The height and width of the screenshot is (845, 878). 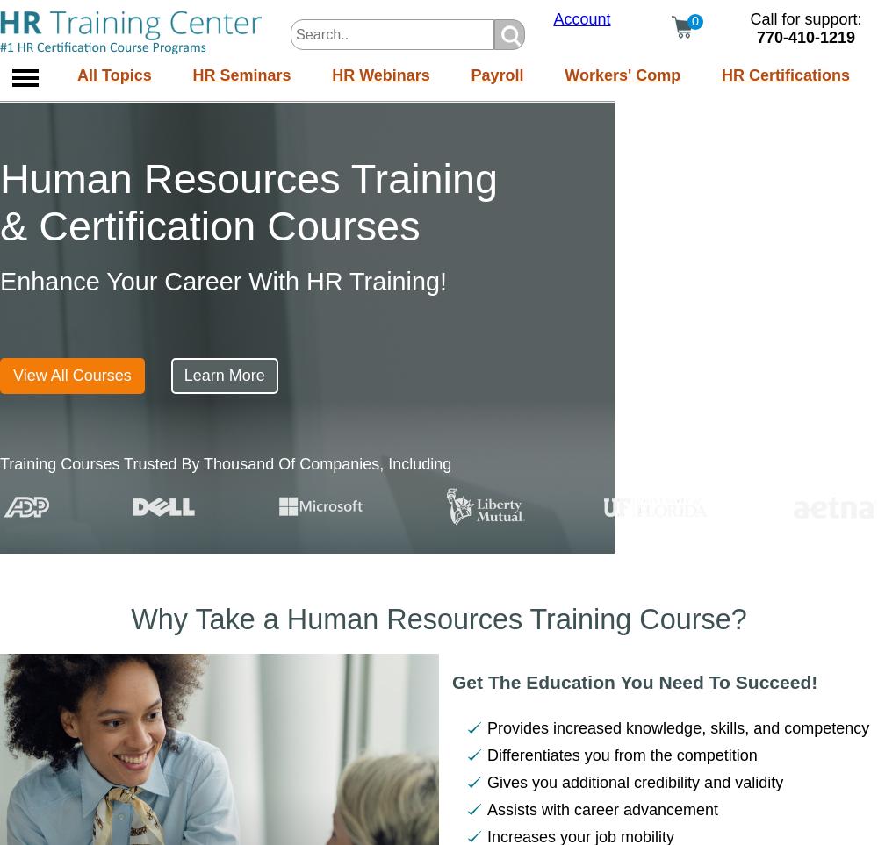 I want to click on 'View All Courses', so click(x=71, y=375).